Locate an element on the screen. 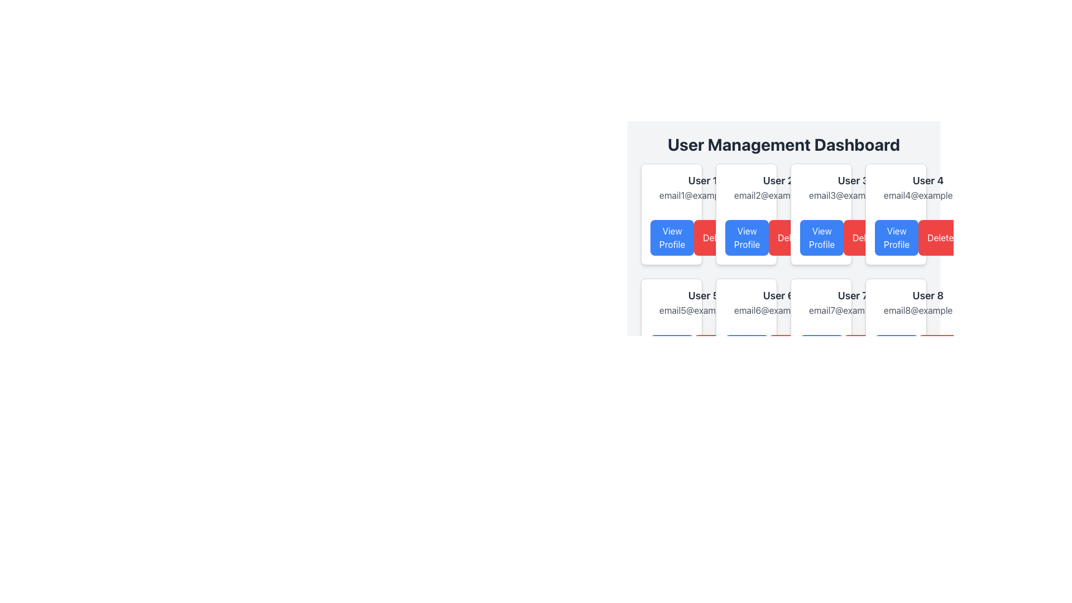 This screenshot has height=603, width=1072. the text label identifying 'User 4' located in the upper-right corner of the user card is located at coordinates (928, 180).